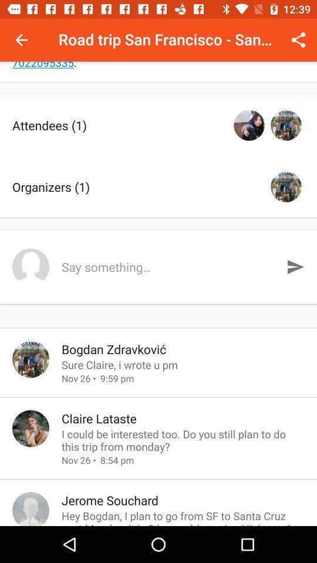 Image resolution: width=317 pixels, height=563 pixels. What do you see at coordinates (285, 125) in the screenshot?
I see `the icon second which is right to attendees1` at bounding box center [285, 125].